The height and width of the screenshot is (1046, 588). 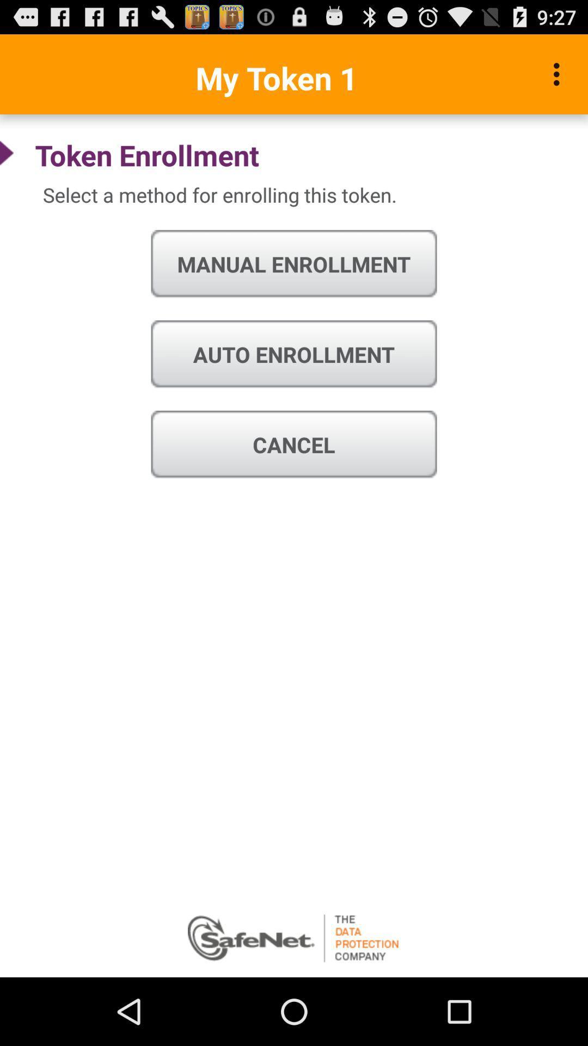 What do you see at coordinates (294, 264) in the screenshot?
I see `icon below select a method item` at bounding box center [294, 264].